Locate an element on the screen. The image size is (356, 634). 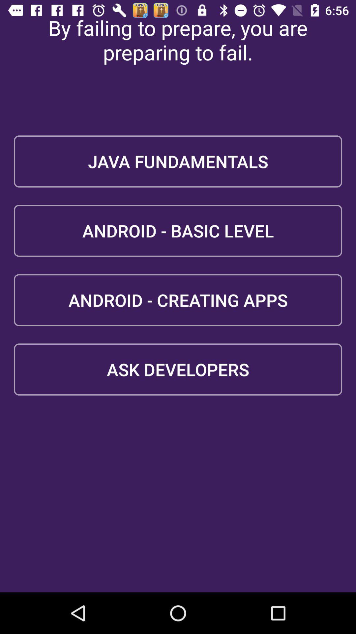
the icon below android - creating apps item is located at coordinates (178, 369).